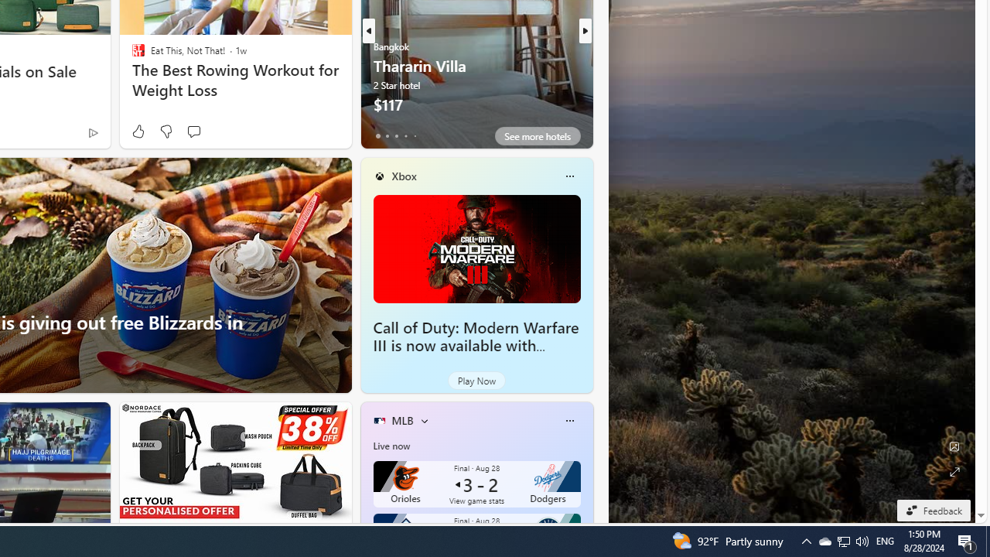  I want to click on 'tab-0', so click(377, 135).